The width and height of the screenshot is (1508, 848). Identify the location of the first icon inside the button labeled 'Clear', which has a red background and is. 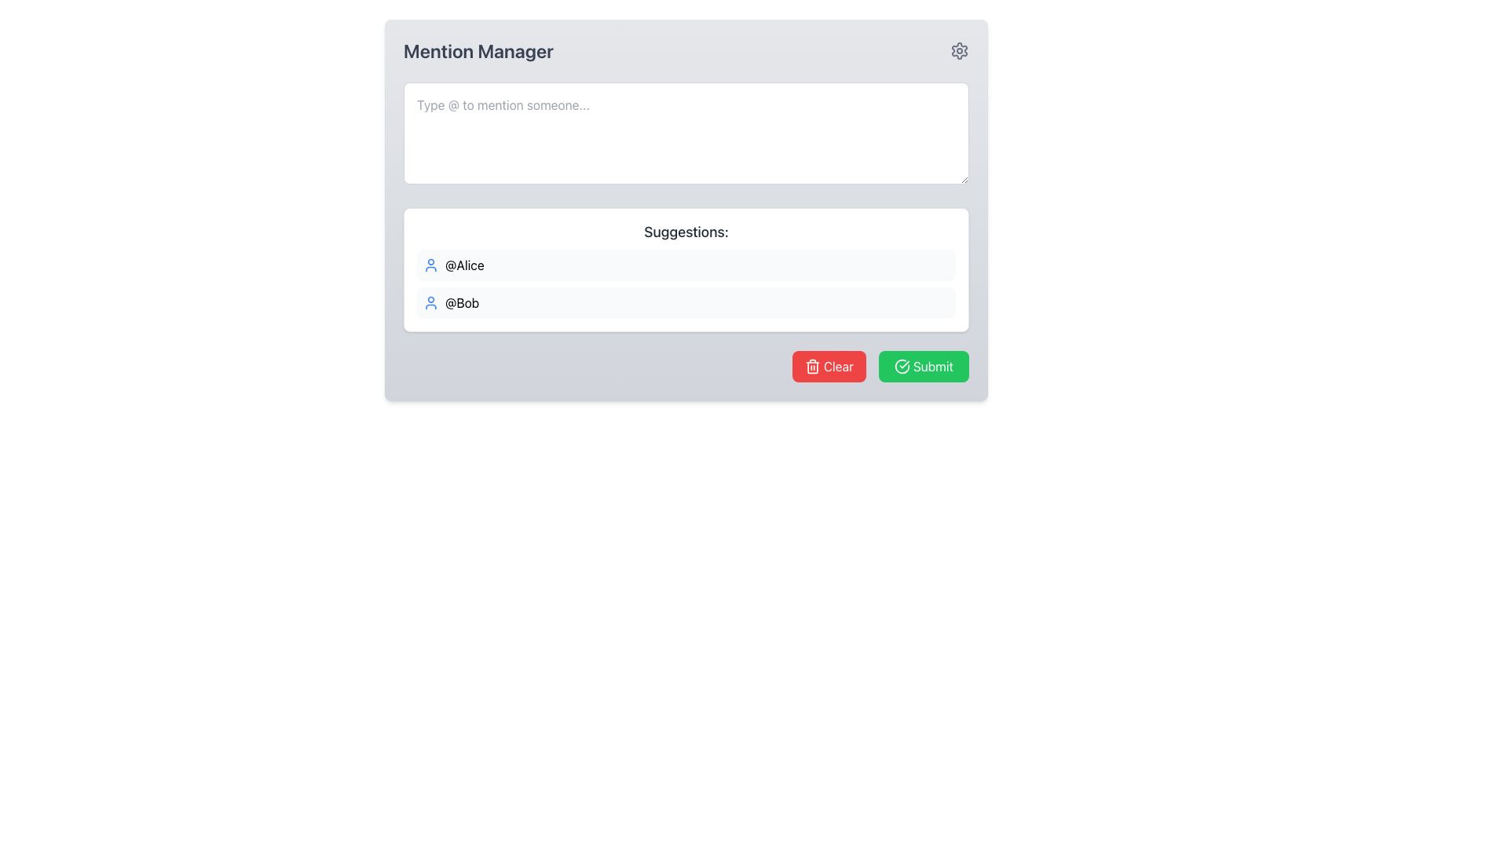
(812, 366).